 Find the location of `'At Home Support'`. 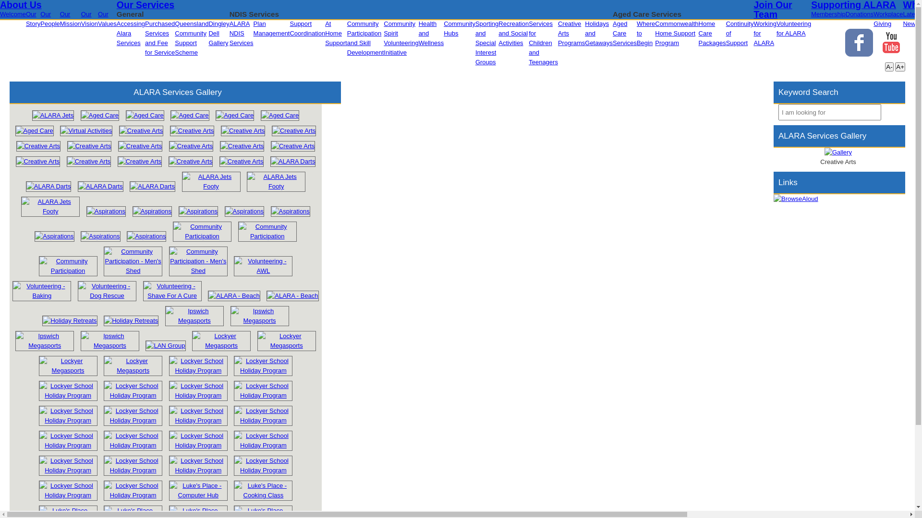

'At Home Support' is located at coordinates (336, 33).